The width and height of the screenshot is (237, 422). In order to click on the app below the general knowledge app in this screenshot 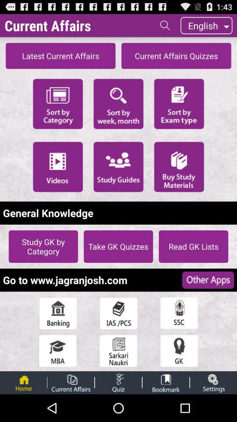, I will do `click(118, 246)`.